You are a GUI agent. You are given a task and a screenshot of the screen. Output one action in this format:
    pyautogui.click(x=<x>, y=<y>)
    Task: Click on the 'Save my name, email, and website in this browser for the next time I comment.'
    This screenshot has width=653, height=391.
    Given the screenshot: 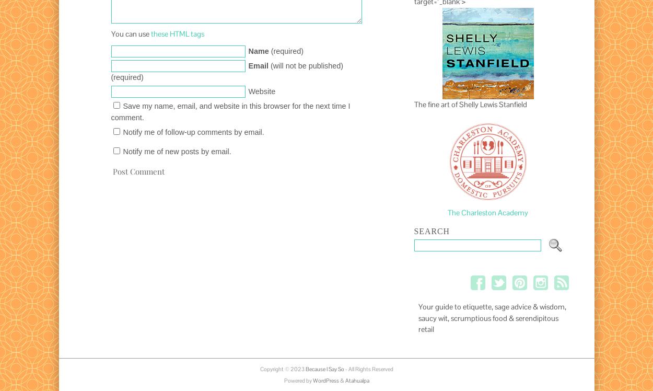 What is the action you would take?
    pyautogui.click(x=230, y=111)
    